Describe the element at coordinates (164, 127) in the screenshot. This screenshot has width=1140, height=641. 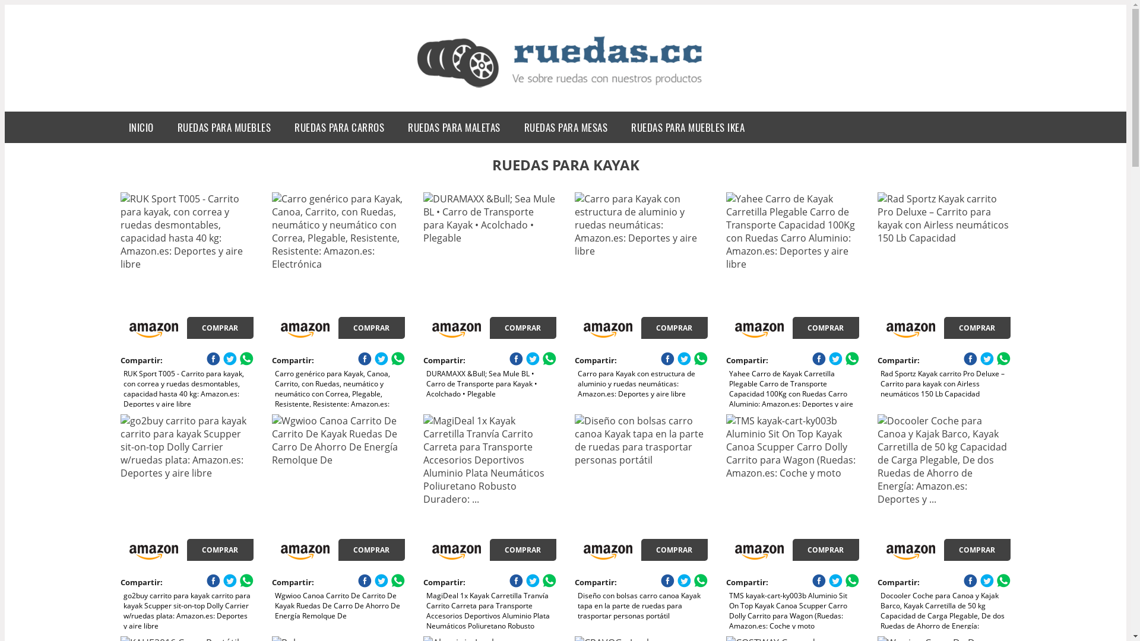
I see `'RUEDAS PARA MUEBLES'` at that location.